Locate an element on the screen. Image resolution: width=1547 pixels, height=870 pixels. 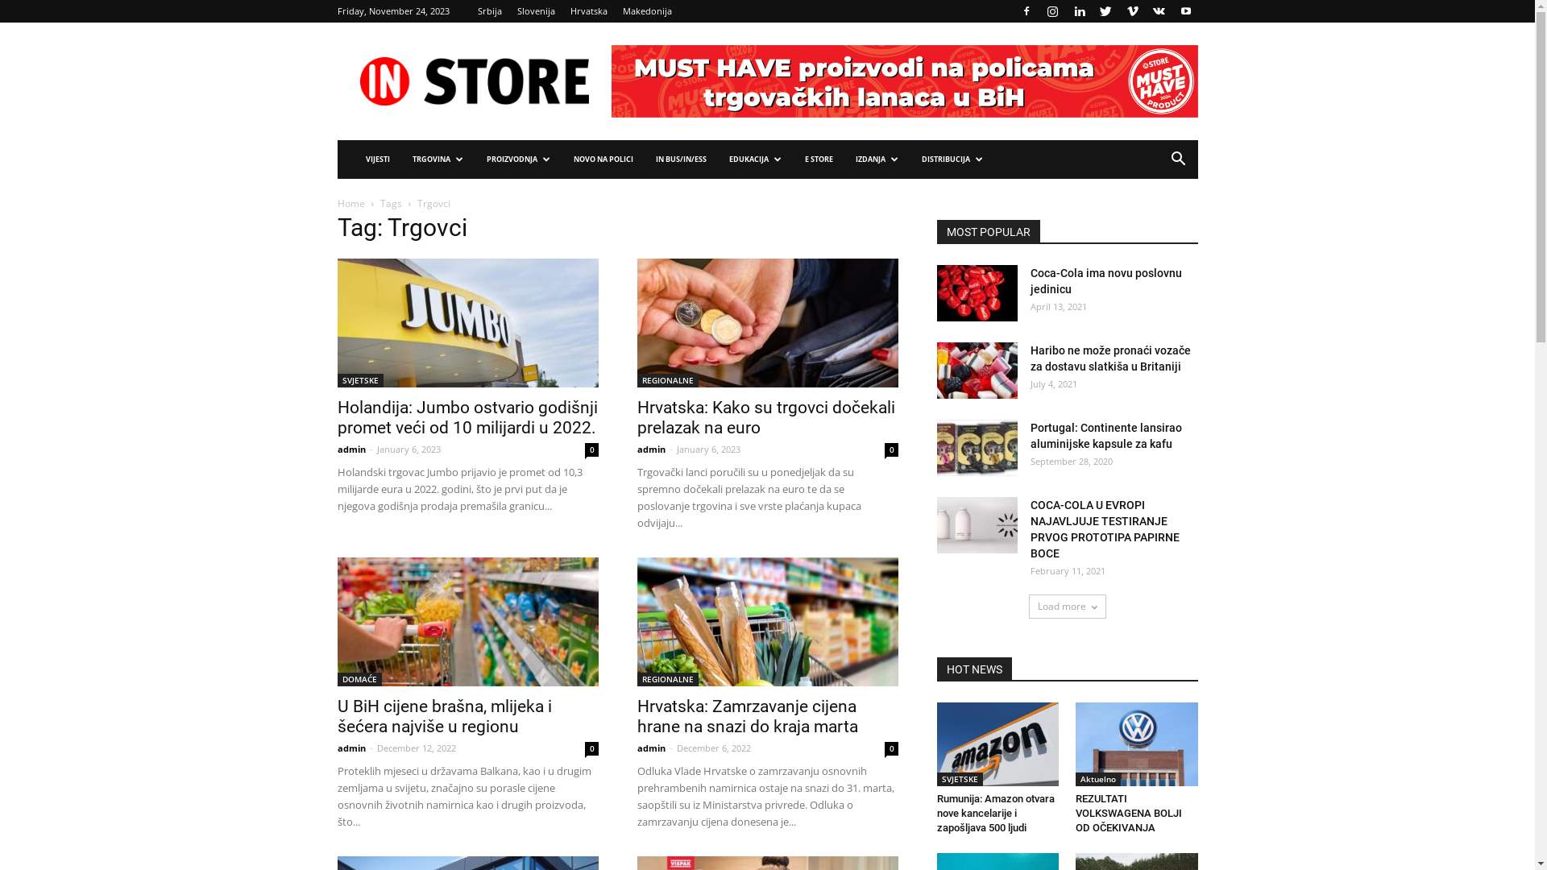
'Load more' is located at coordinates (1067, 606).